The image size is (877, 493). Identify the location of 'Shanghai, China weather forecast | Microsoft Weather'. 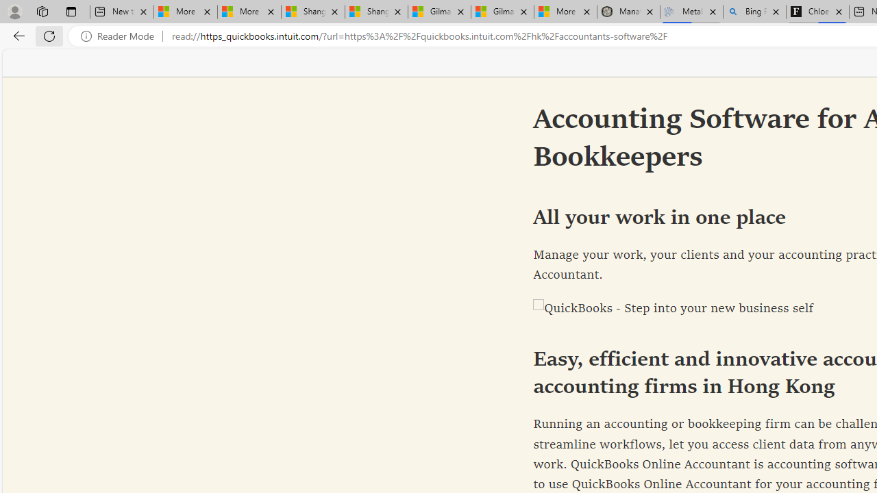
(376, 12).